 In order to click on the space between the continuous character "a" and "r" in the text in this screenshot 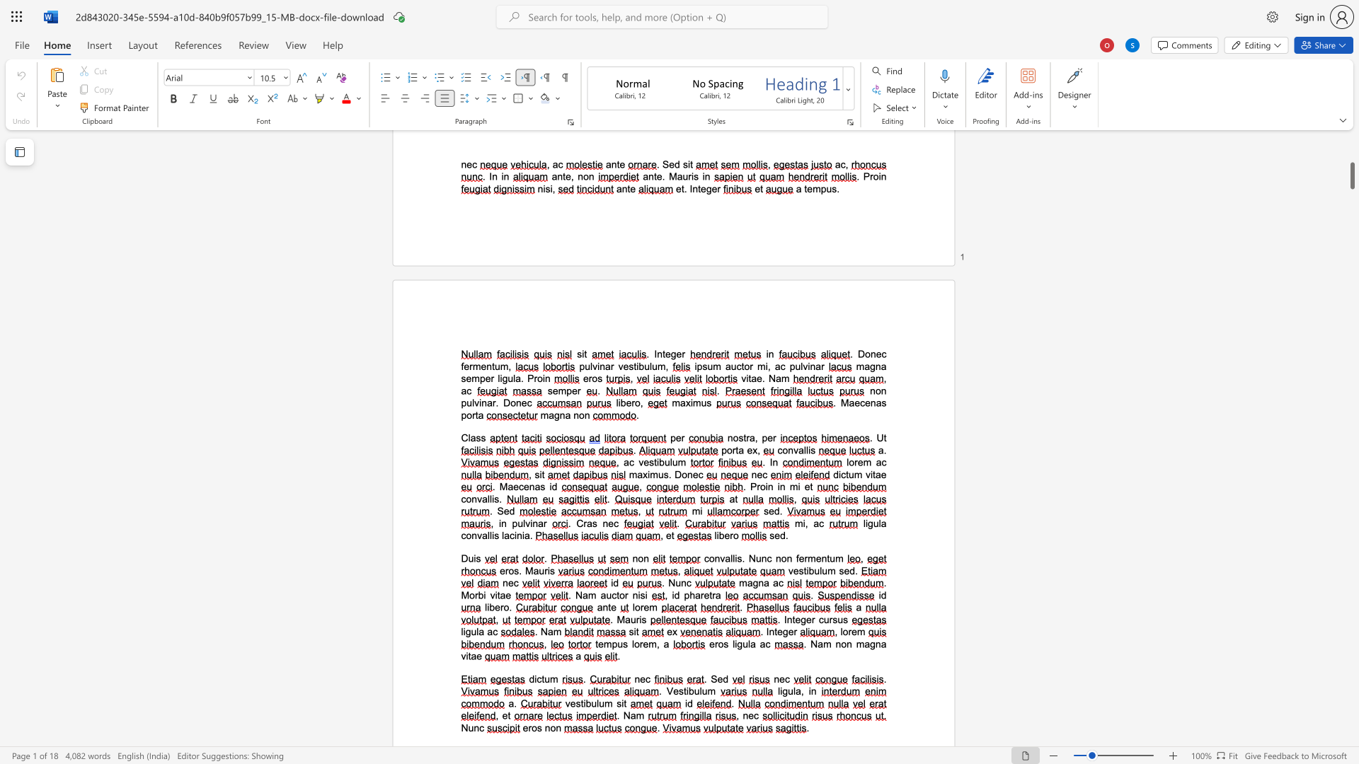, I will do `click(542, 523)`.